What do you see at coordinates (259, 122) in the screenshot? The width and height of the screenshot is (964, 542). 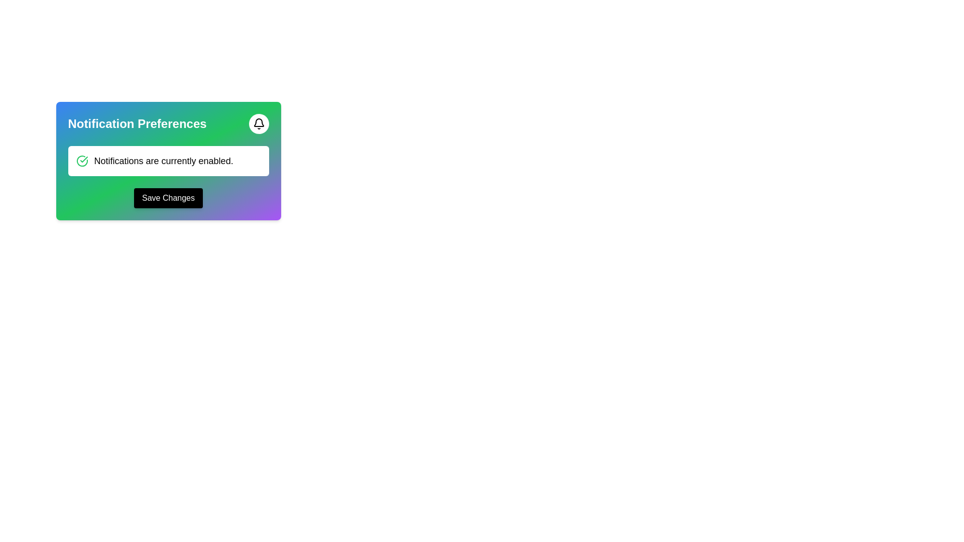 I see `the bell-shaped notification icon located in the upper-right corner of the notification preferences dialog box` at bounding box center [259, 122].